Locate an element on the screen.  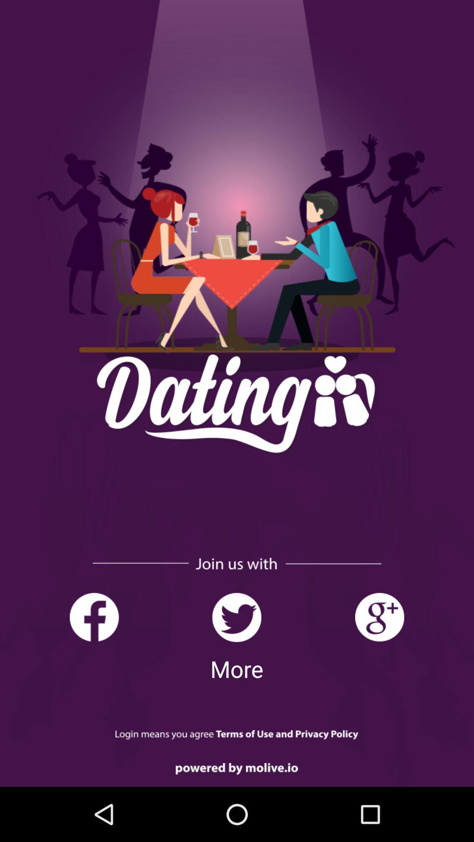
google is located at coordinates (379, 617).